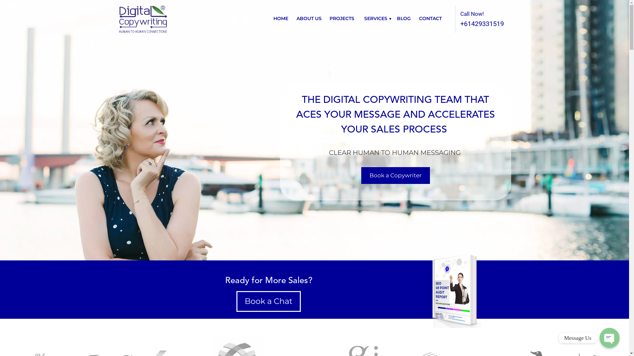 This screenshot has width=634, height=356. Describe the element at coordinates (375, 18) in the screenshot. I see `'SERVICES'` at that location.